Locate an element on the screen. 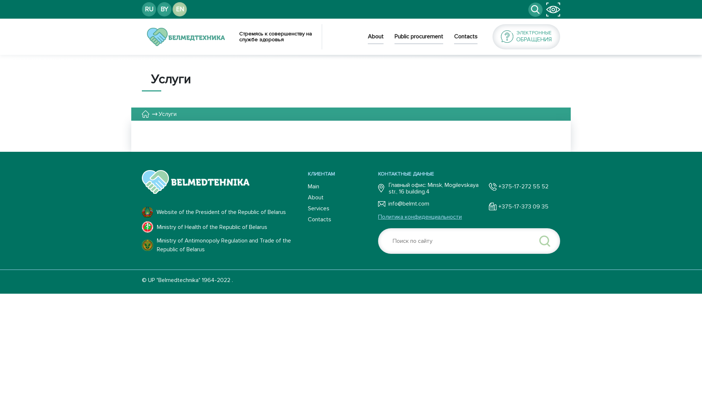  'Ministry of Health of the Republic of Belarus' is located at coordinates (142, 226).